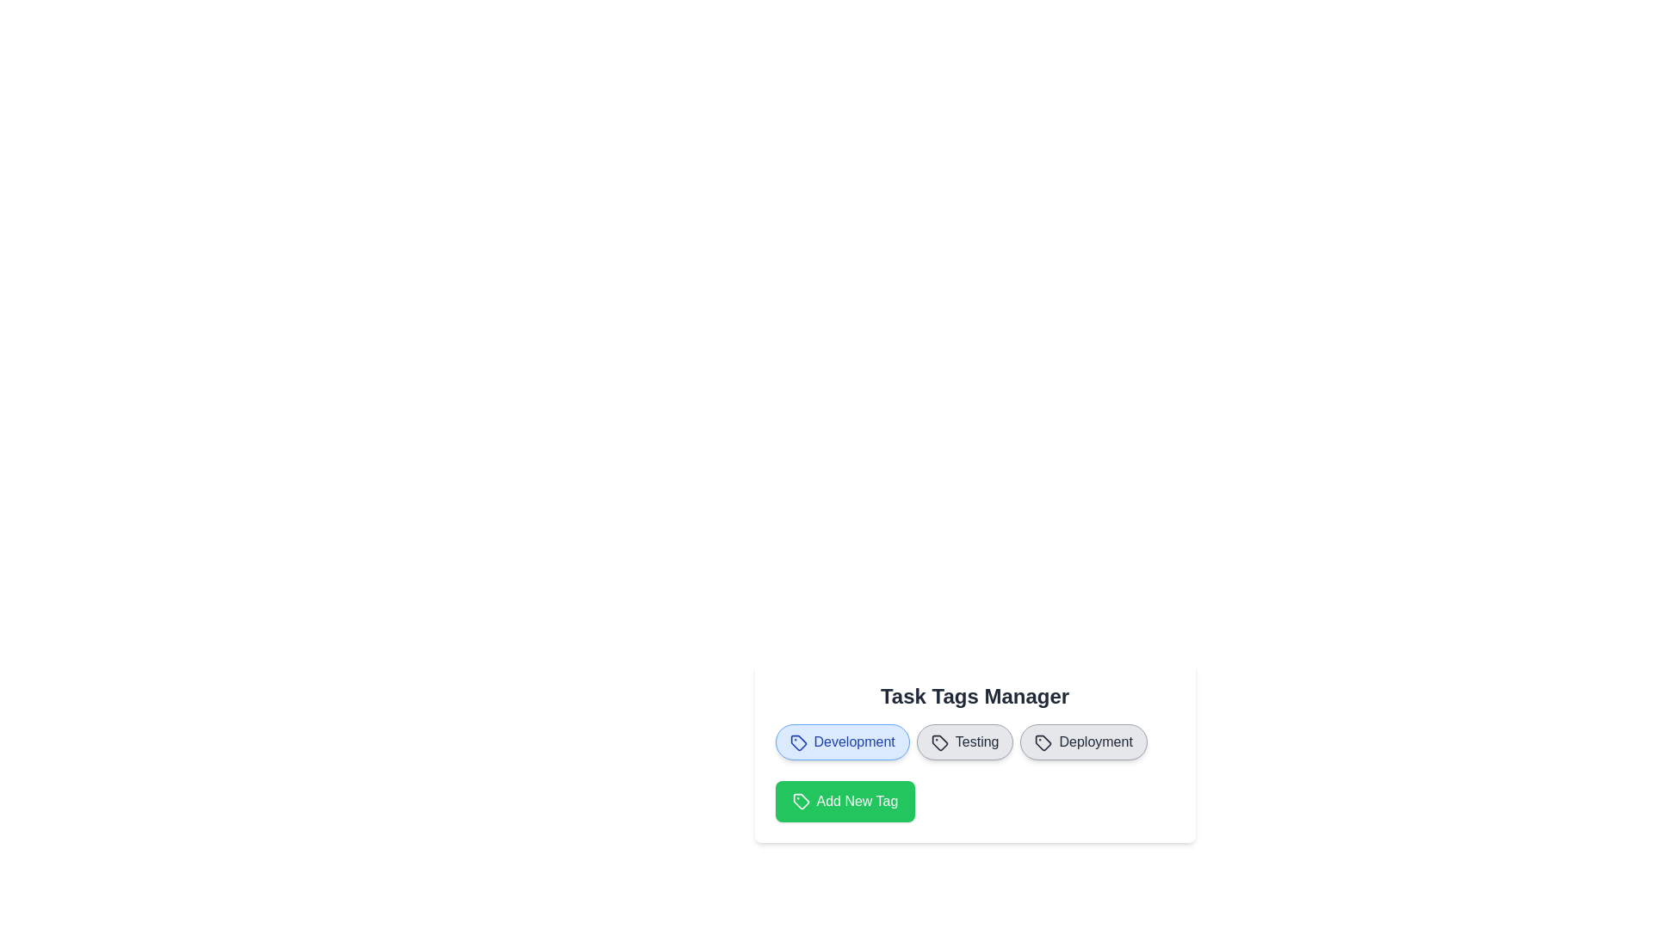  Describe the element at coordinates (845, 802) in the screenshot. I see `the 'Add New Tag' button with a green background and a white tag icon located in the 'Task Tags Manager' section` at that location.